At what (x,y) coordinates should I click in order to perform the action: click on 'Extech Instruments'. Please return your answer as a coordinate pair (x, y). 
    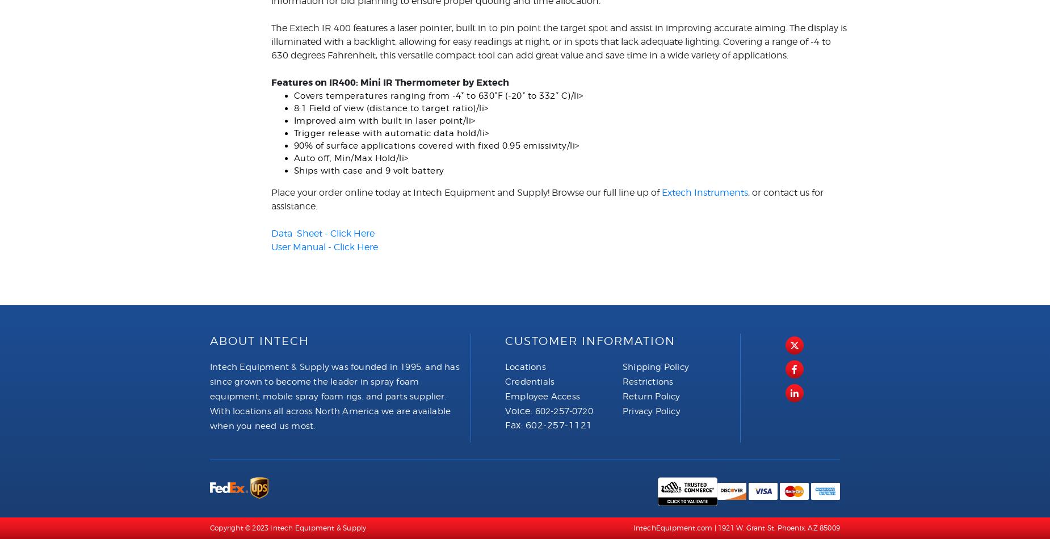
    Looking at the image, I should click on (658, 191).